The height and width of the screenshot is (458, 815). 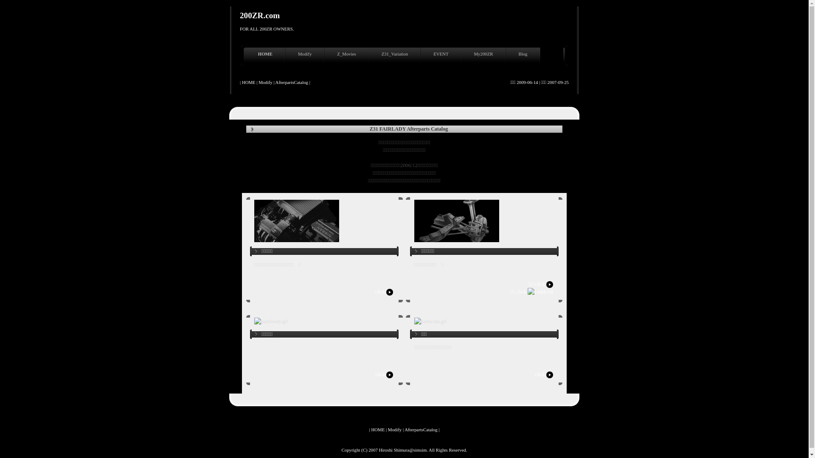 What do you see at coordinates (523, 56) in the screenshot?
I see `'Blog'` at bounding box center [523, 56].